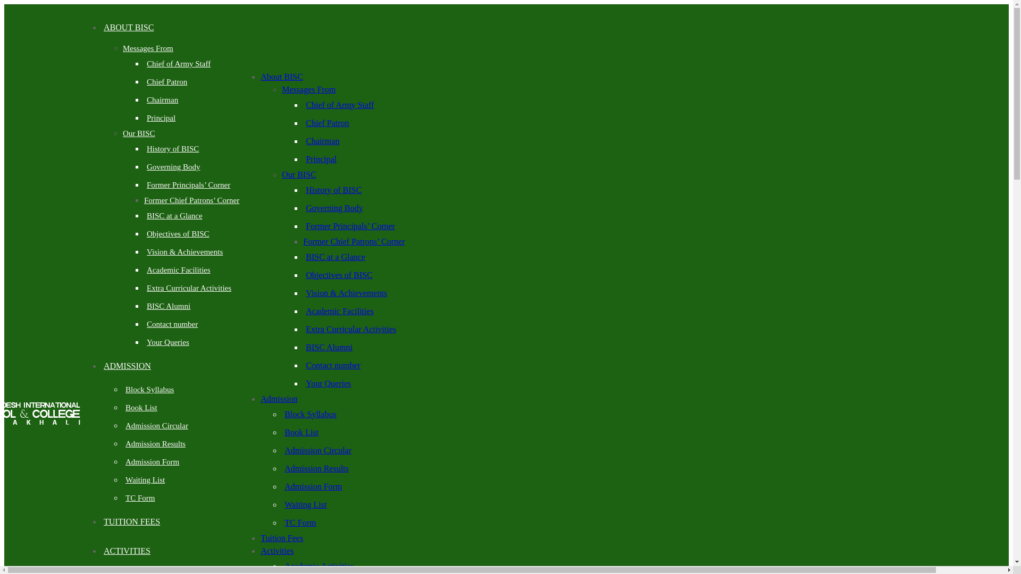 The width and height of the screenshot is (1021, 574). What do you see at coordinates (140, 407) in the screenshot?
I see `'Book List'` at bounding box center [140, 407].